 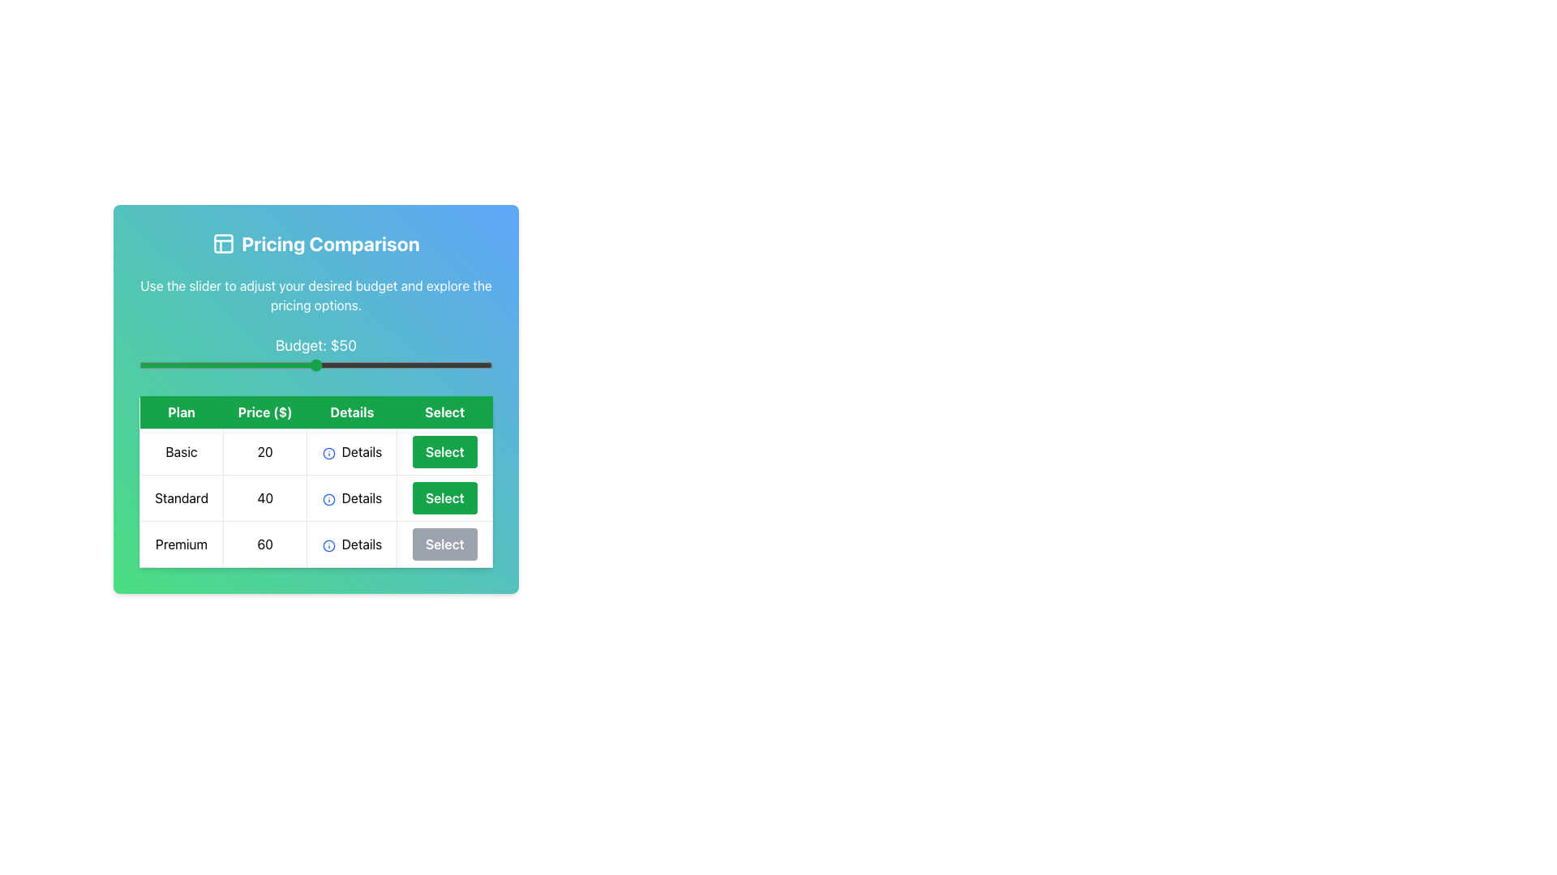 I want to click on the budget, so click(x=429, y=365).